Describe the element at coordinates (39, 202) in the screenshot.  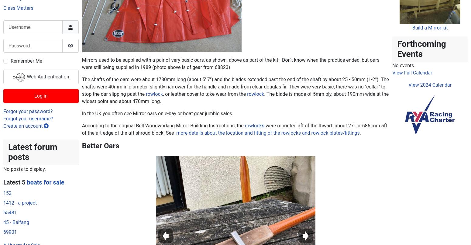
I see `'ex-owners/family looking for their old boat'` at that location.